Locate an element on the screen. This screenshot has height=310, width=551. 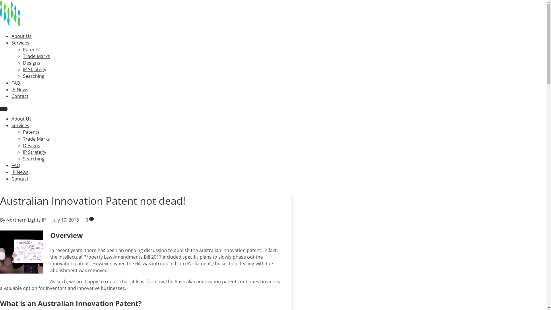
'About Us' is located at coordinates (22, 118).